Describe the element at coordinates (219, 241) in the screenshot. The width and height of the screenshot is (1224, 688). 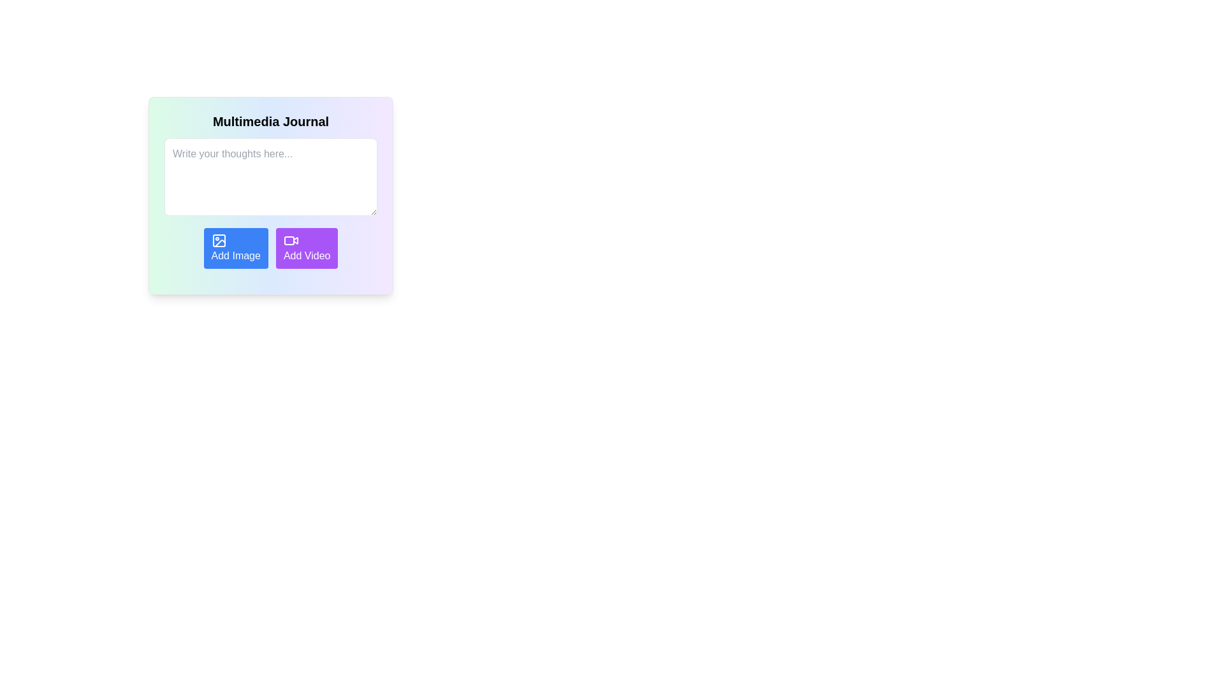
I see `the blue square icon part of the SVG graphic within the 'Add Image' button` at that location.